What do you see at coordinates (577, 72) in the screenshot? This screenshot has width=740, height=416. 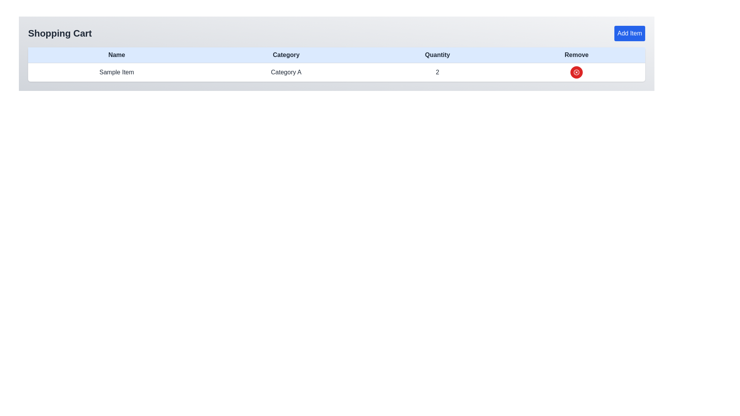 I see `the 'Remove' button located in the last column of the table` at bounding box center [577, 72].